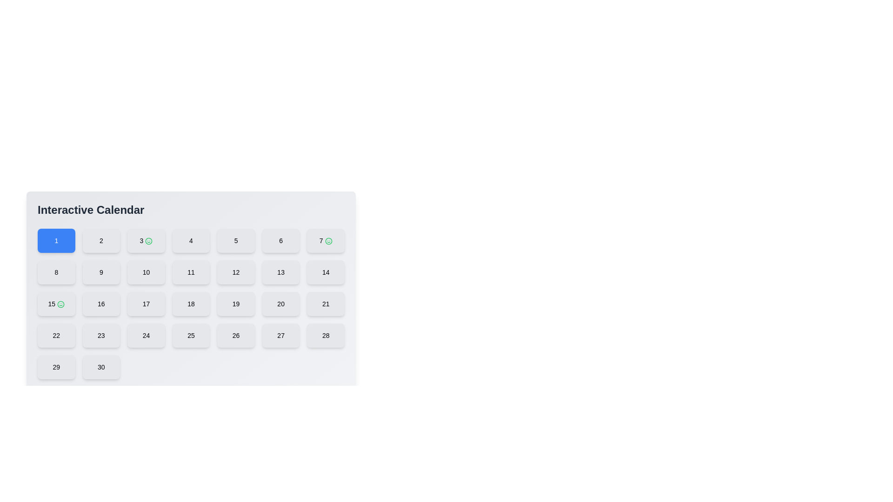 This screenshot has width=893, height=502. What do you see at coordinates (236, 335) in the screenshot?
I see `the button displaying the number '26' with a light gray background in the fifth row and fifth column of the calendar grid to change its appearance` at bounding box center [236, 335].